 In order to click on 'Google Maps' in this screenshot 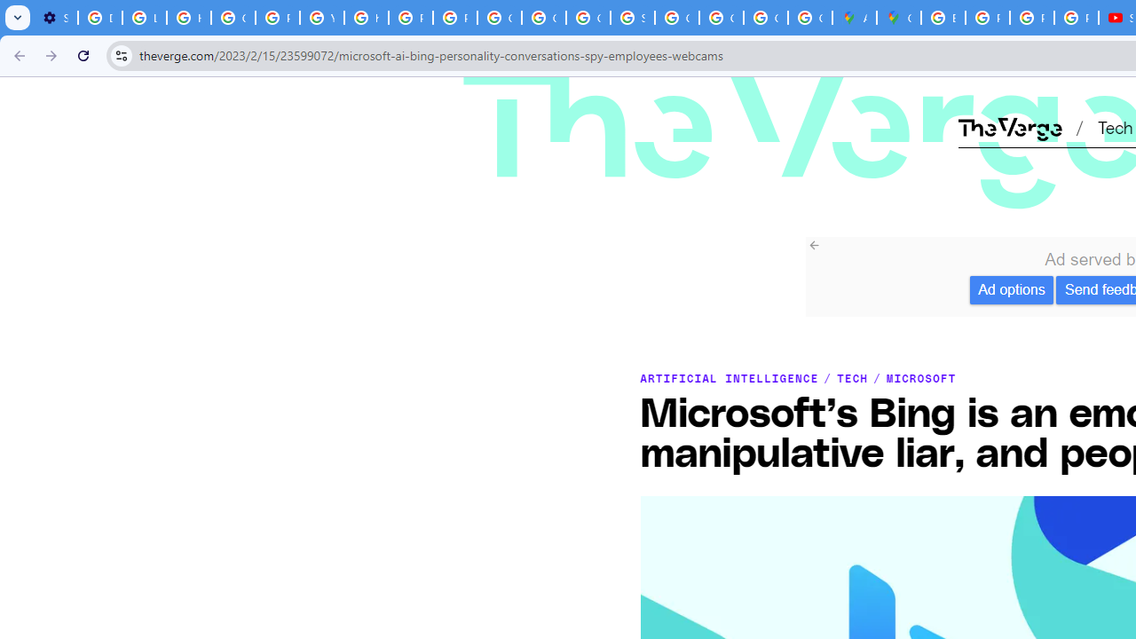, I will do `click(899, 18)`.